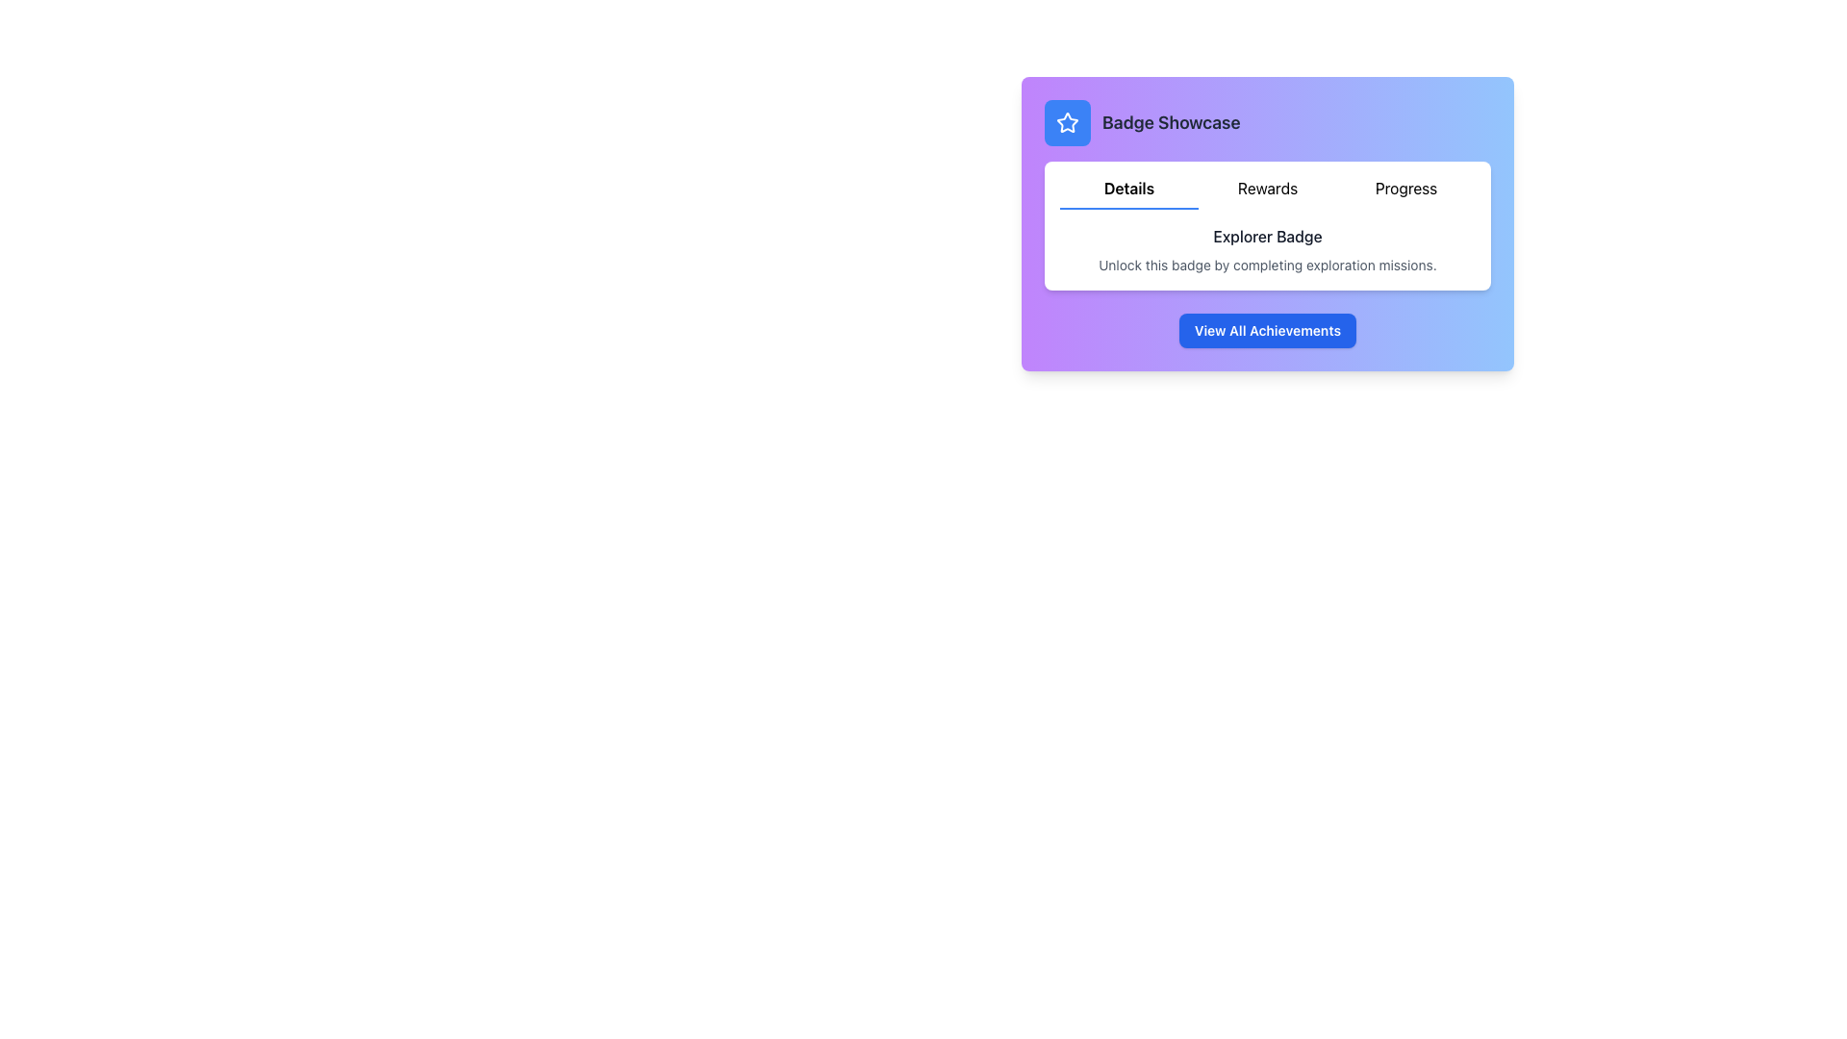 The height and width of the screenshot is (1039, 1847). What do you see at coordinates (1406, 192) in the screenshot?
I see `the 'Progress' tab label to switch tabs in the Badge Showcase navigation bar` at bounding box center [1406, 192].